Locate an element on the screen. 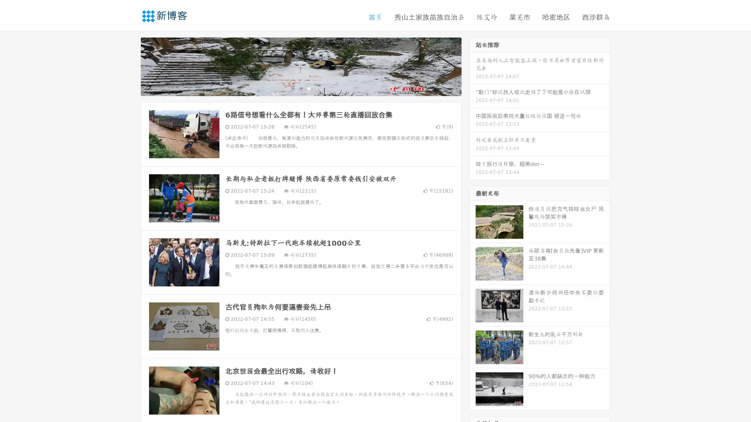 Image resolution: width=751 pixels, height=422 pixels. Go to slide 2 is located at coordinates (300, 88).